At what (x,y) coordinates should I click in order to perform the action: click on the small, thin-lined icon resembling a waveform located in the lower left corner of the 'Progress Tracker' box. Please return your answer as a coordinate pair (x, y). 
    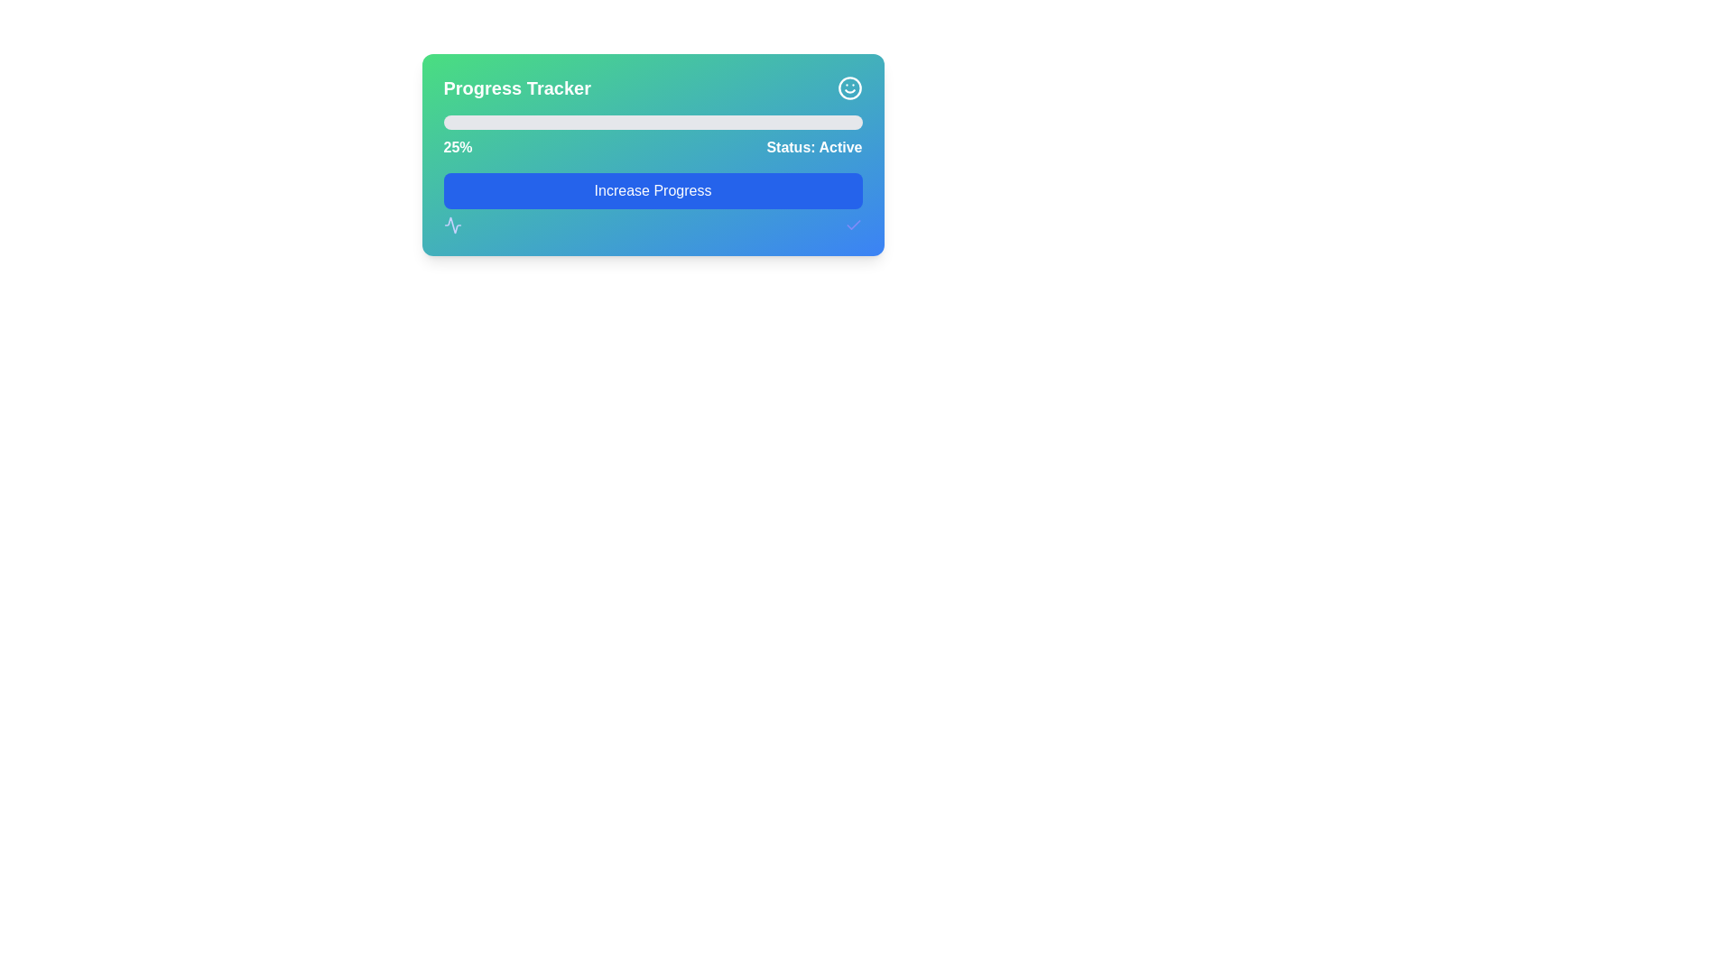
    Looking at the image, I should click on (452, 225).